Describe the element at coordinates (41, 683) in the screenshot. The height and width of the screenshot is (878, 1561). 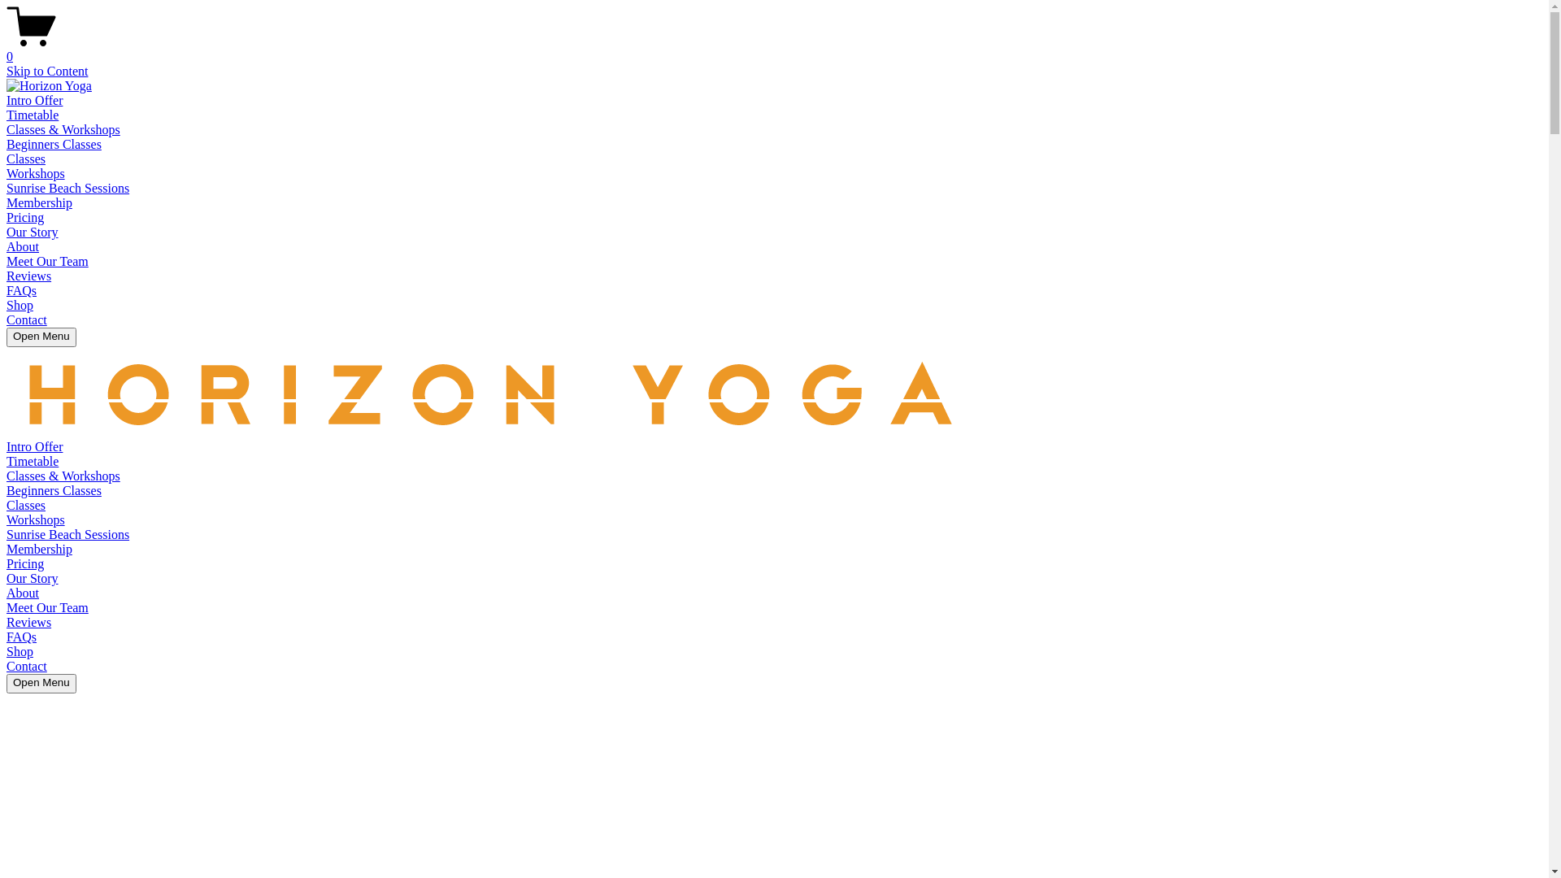
I see `'Open Menu'` at that location.